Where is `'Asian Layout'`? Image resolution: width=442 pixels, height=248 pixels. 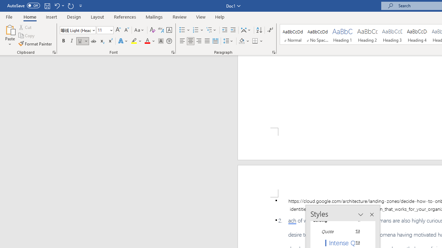 'Asian Layout' is located at coordinates (246, 30).